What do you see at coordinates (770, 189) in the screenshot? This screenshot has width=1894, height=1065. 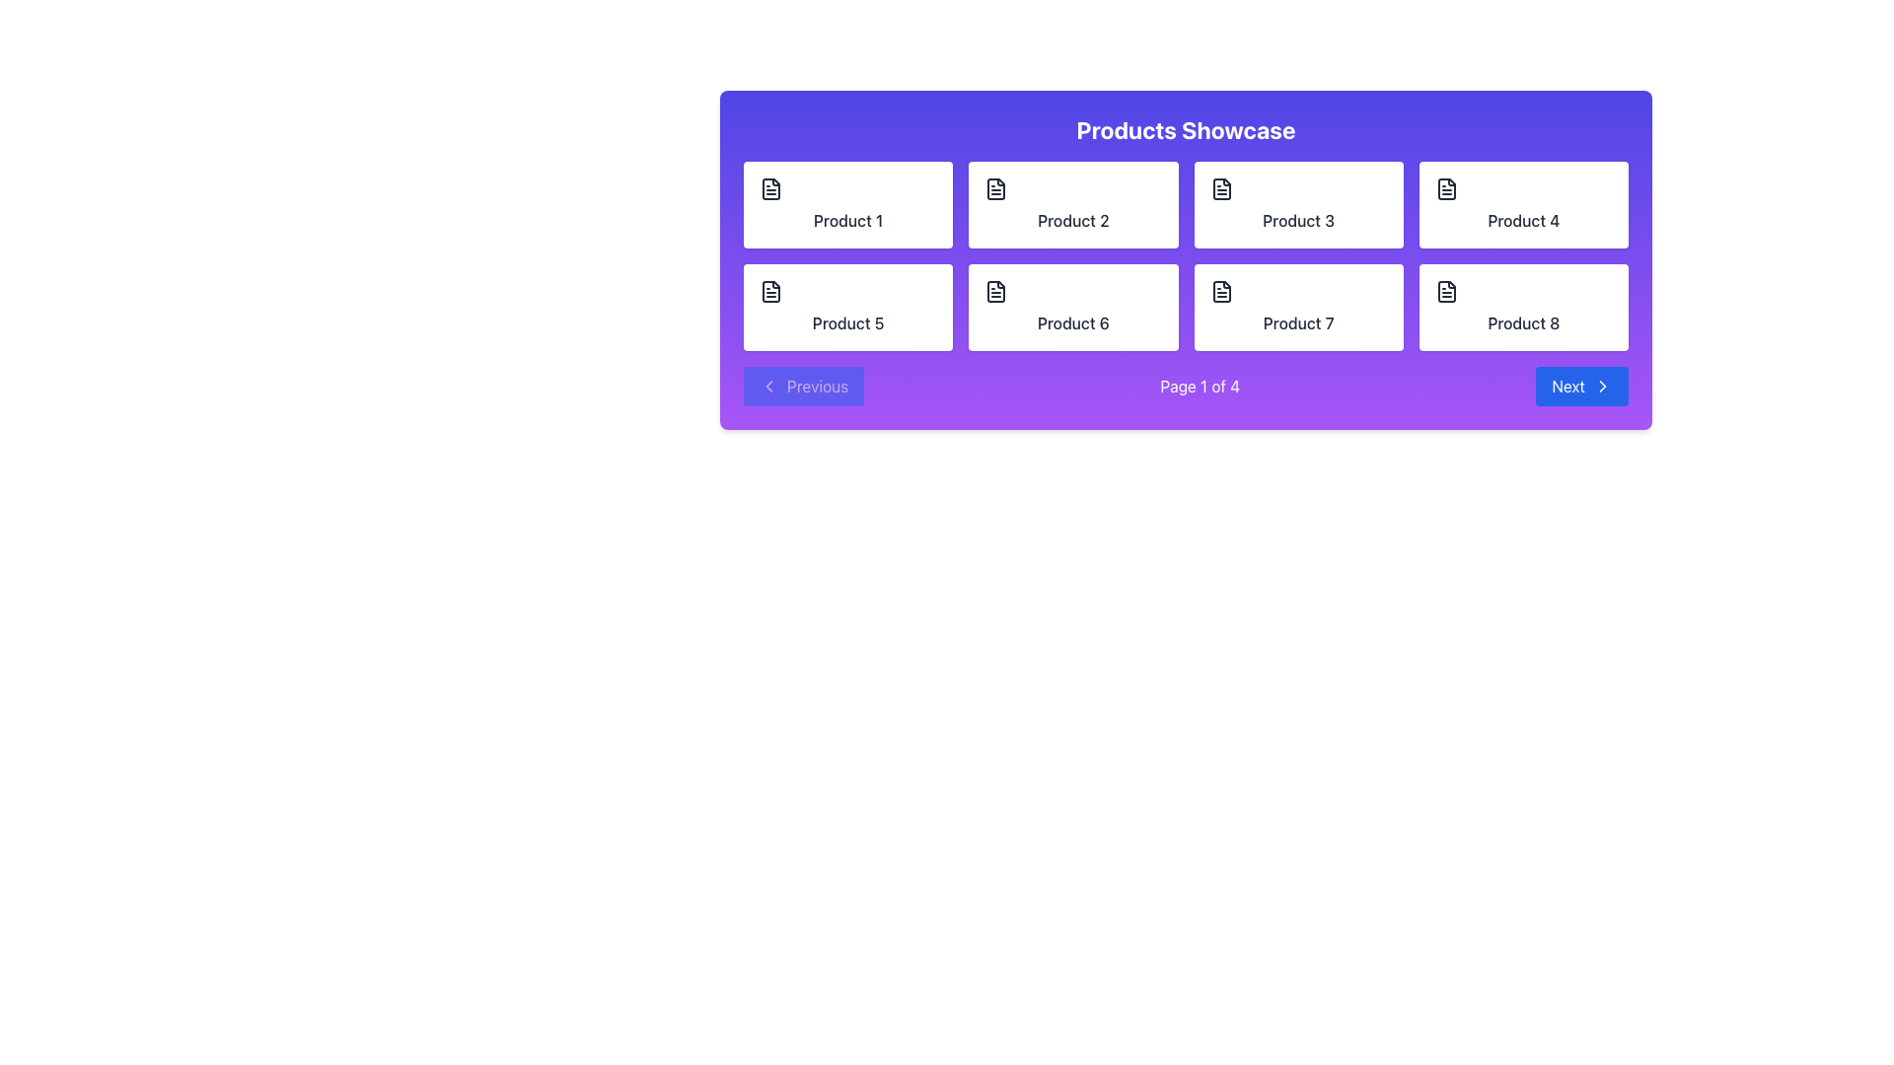 I see `the small graphical icon resembling a document with lines that is positioned above the text 'Product 1' in the upper-left corner of the first card in the 'Products Showcase' grid` at bounding box center [770, 189].